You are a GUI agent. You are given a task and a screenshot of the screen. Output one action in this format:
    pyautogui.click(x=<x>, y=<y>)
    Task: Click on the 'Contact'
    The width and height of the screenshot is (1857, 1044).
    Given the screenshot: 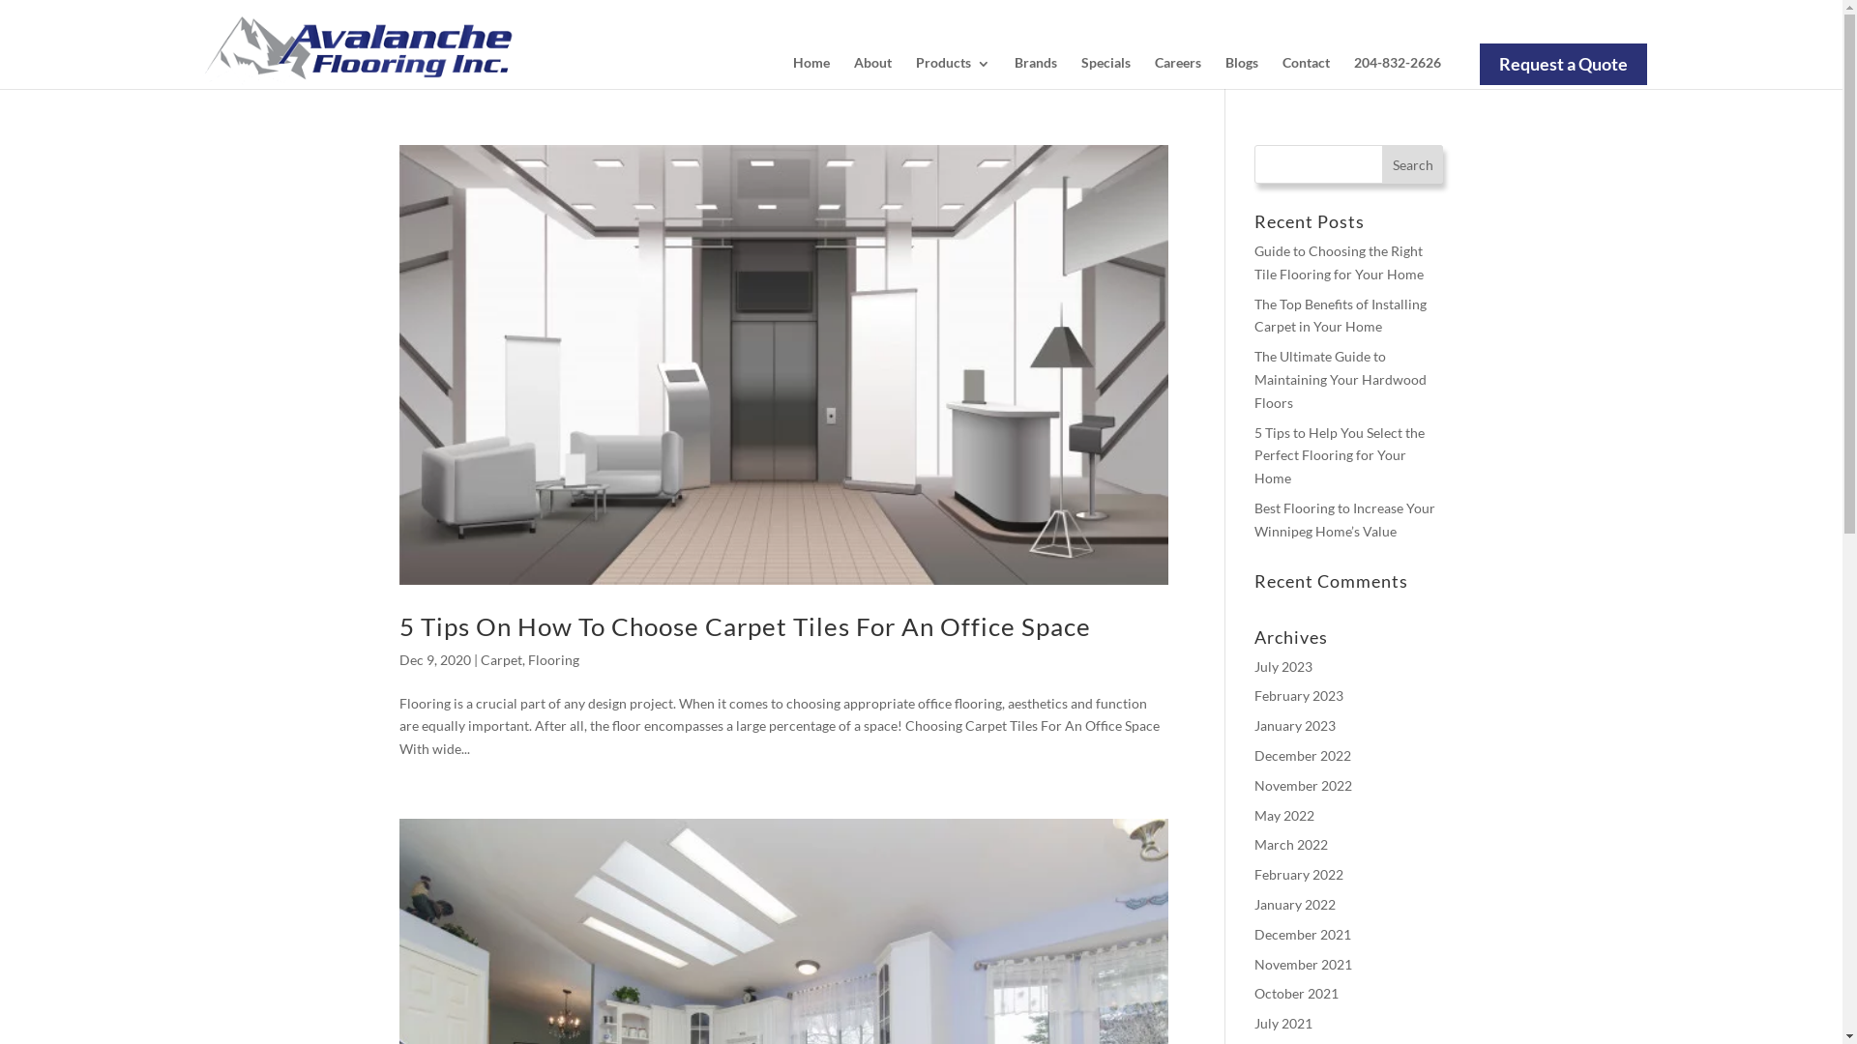 What is the action you would take?
    pyautogui.click(x=1282, y=65)
    